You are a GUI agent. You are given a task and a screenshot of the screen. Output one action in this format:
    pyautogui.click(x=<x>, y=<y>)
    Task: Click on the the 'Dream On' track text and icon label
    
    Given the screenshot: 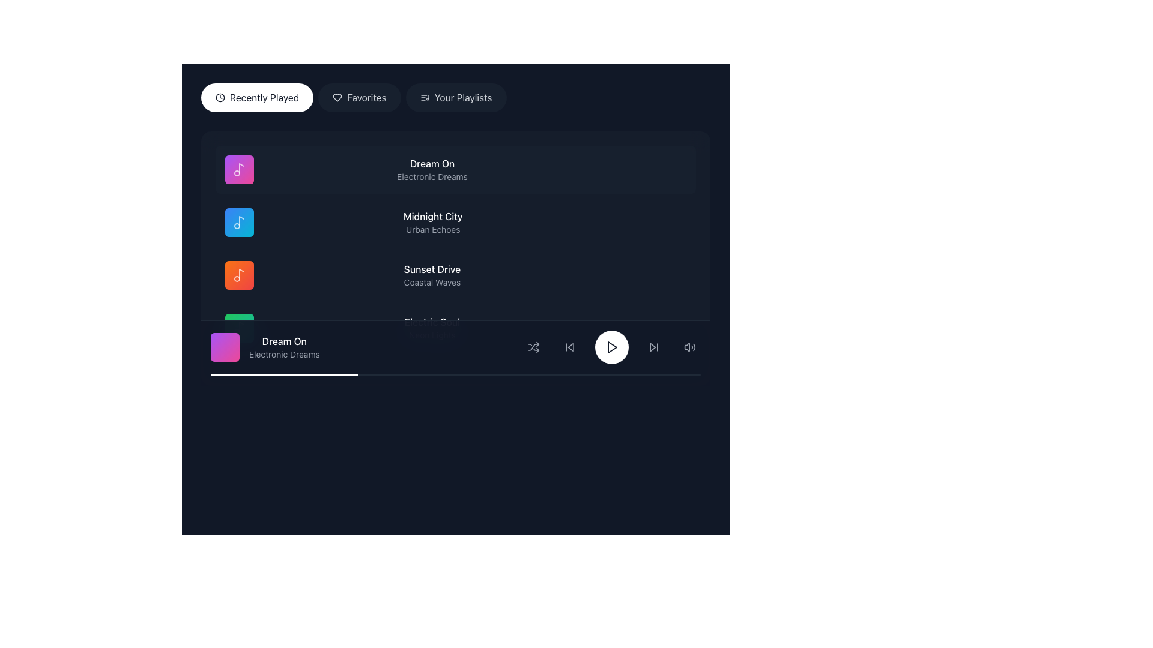 What is the action you would take?
    pyautogui.click(x=264, y=347)
    